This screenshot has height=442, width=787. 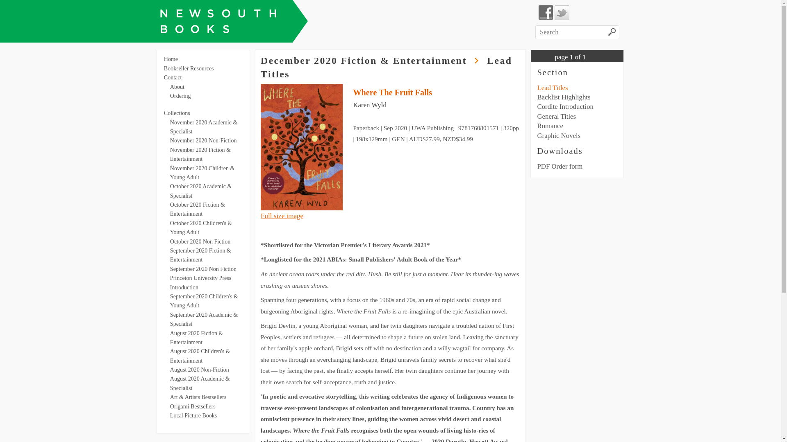 I want to click on 'November 2020 Academic & Specialist', so click(x=204, y=127).